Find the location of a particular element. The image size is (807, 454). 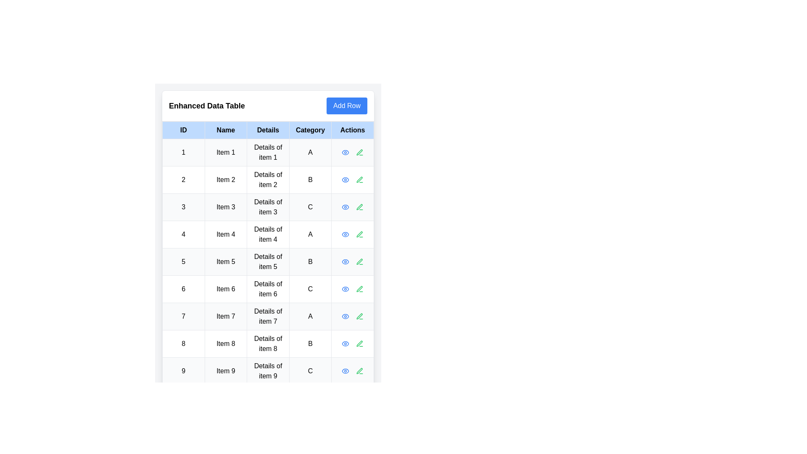

the text label in the 'Category' column for 'Item 5', which denotes category 'B' is located at coordinates (310, 261).